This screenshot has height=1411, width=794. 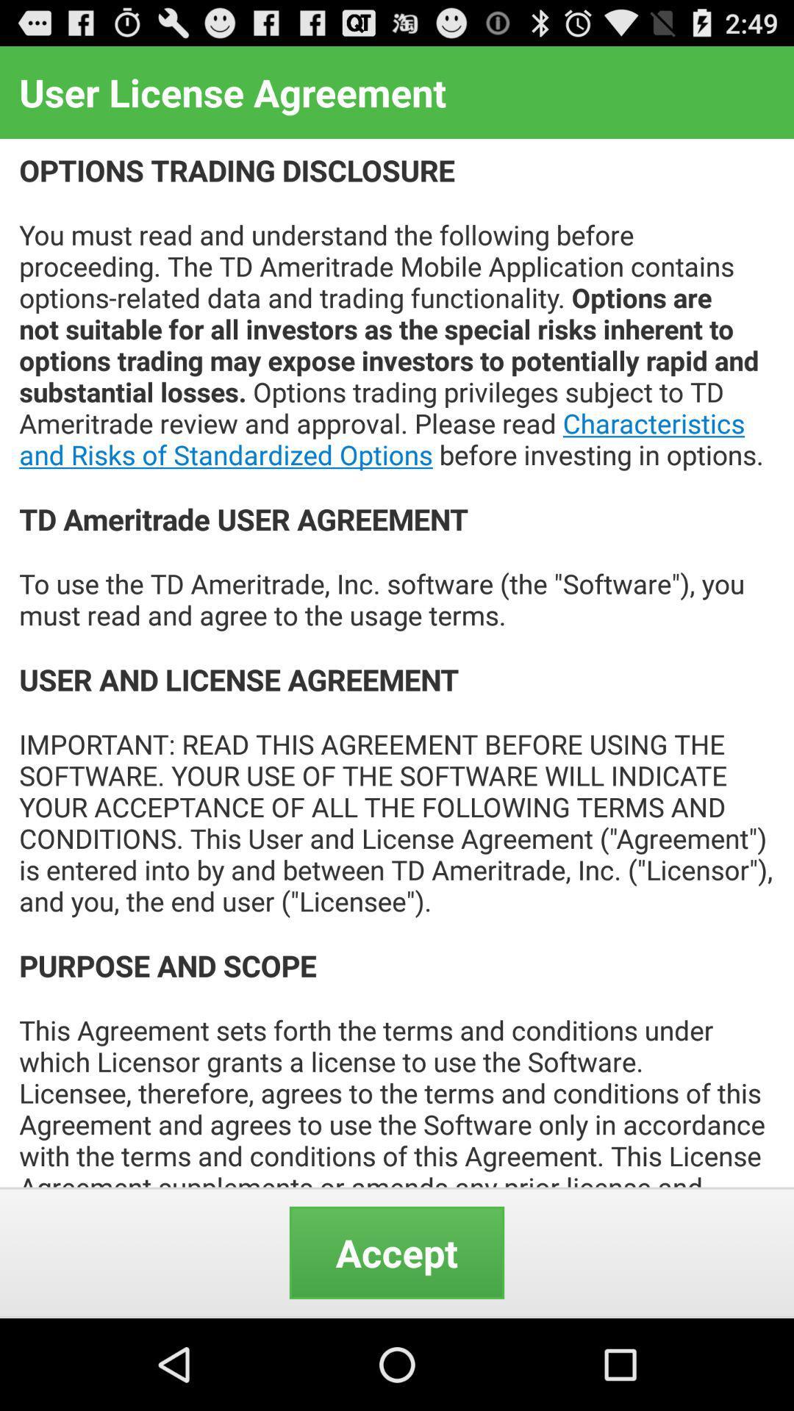 What do you see at coordinates (397, 1252) in the screenshot?
I see `the item below options trading disclosure icon` at bounding box center [397, 1252].